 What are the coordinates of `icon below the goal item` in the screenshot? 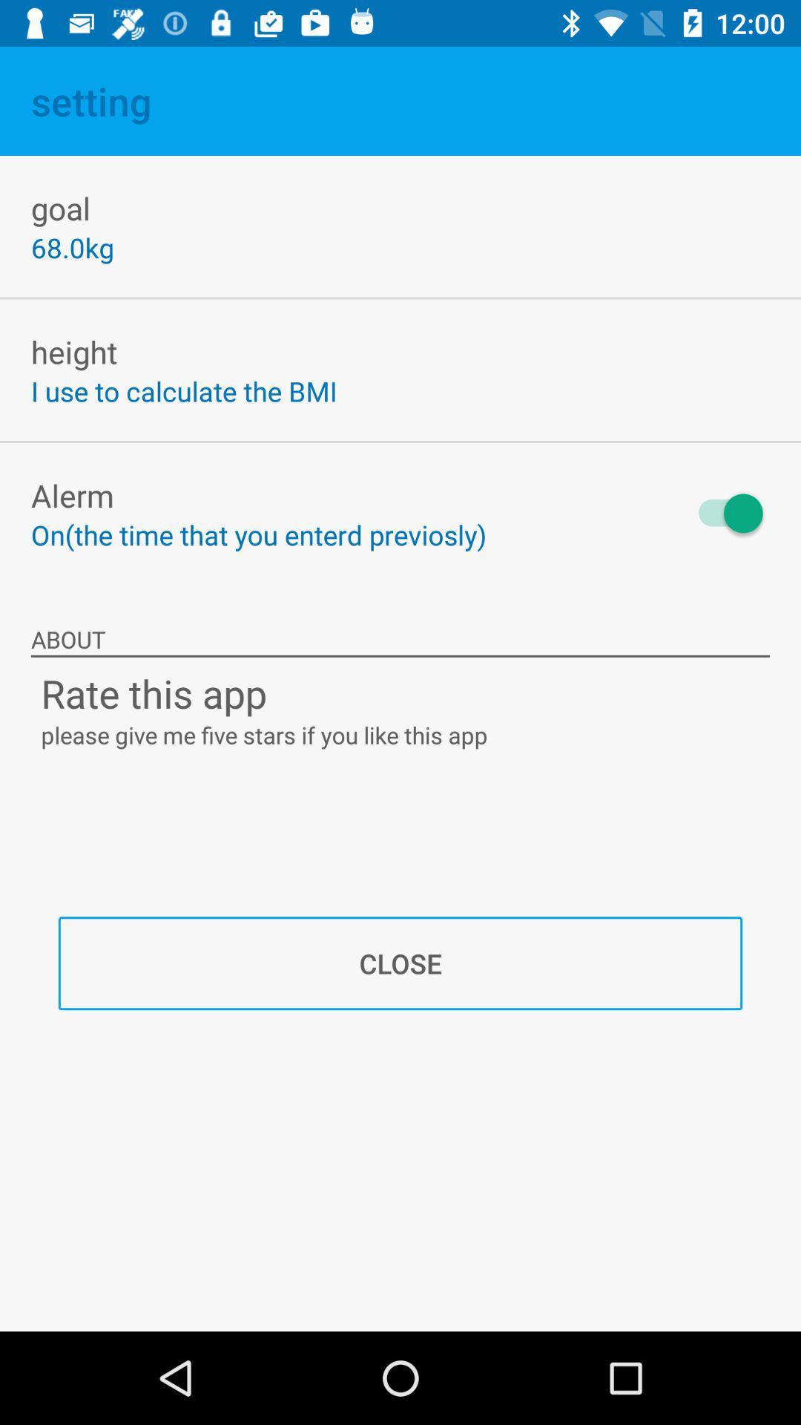 It's located at (72, 247).